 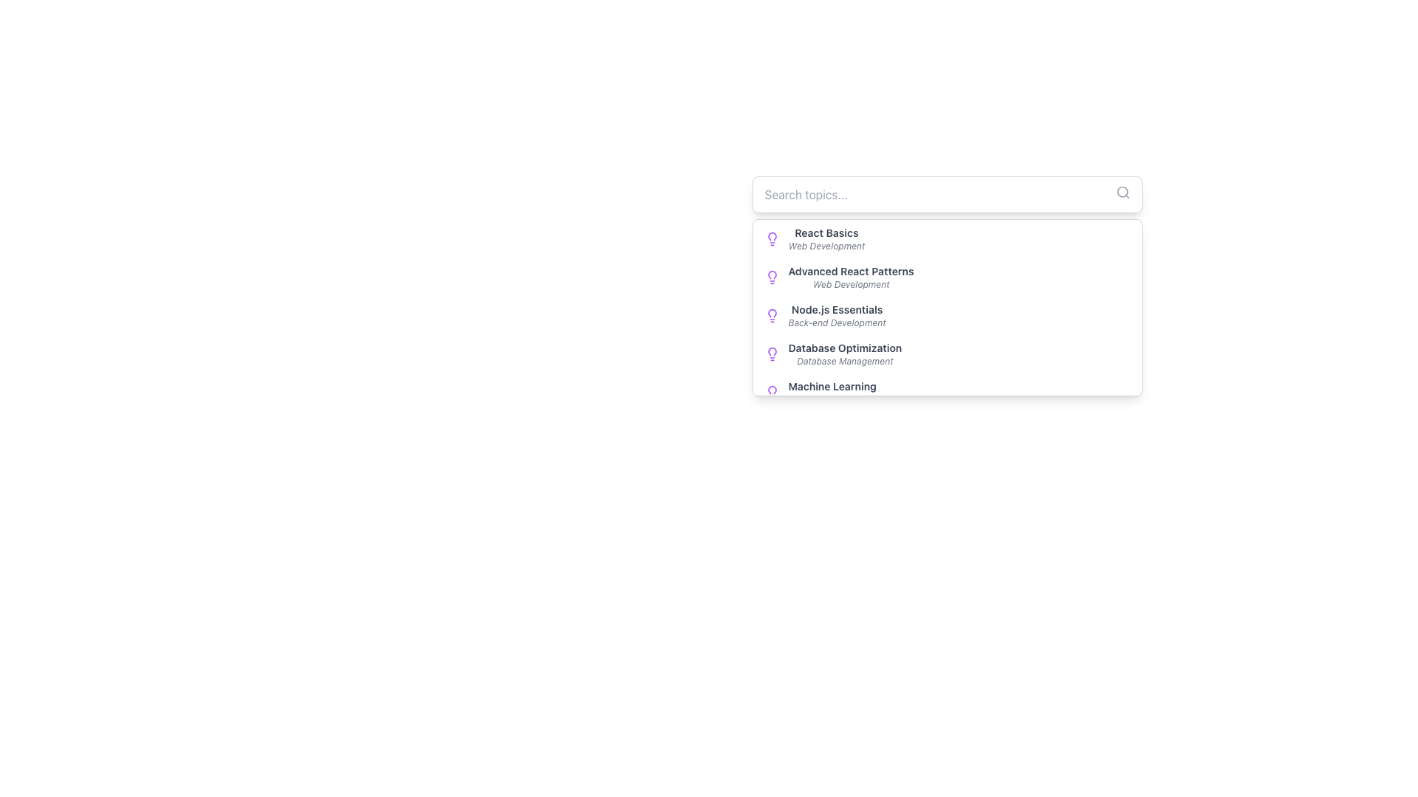 What do you see at coordinates (1123, 192) in the screenshot?
I see `the magnifying glass icon located at the rightmost position within the search input area, which serves as a visual indicator for the search functionality` at bounding box center [1123, 192].